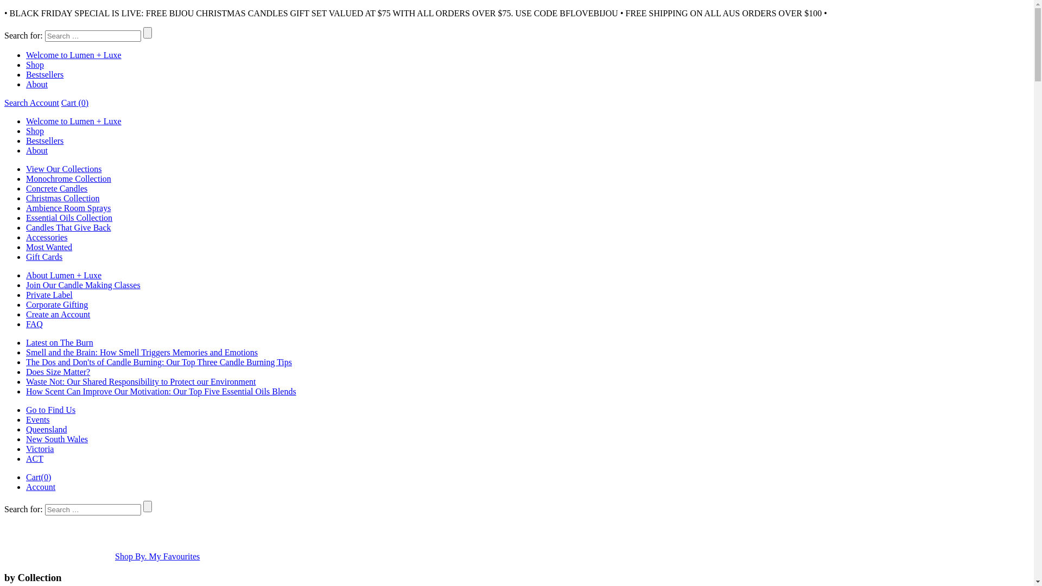 The width and height of the screenshot is (1042, 586). What do you see at coordinates (174, 556) in the screenshot?
I see `'My Favourites'` at bounding box center [174, 556].